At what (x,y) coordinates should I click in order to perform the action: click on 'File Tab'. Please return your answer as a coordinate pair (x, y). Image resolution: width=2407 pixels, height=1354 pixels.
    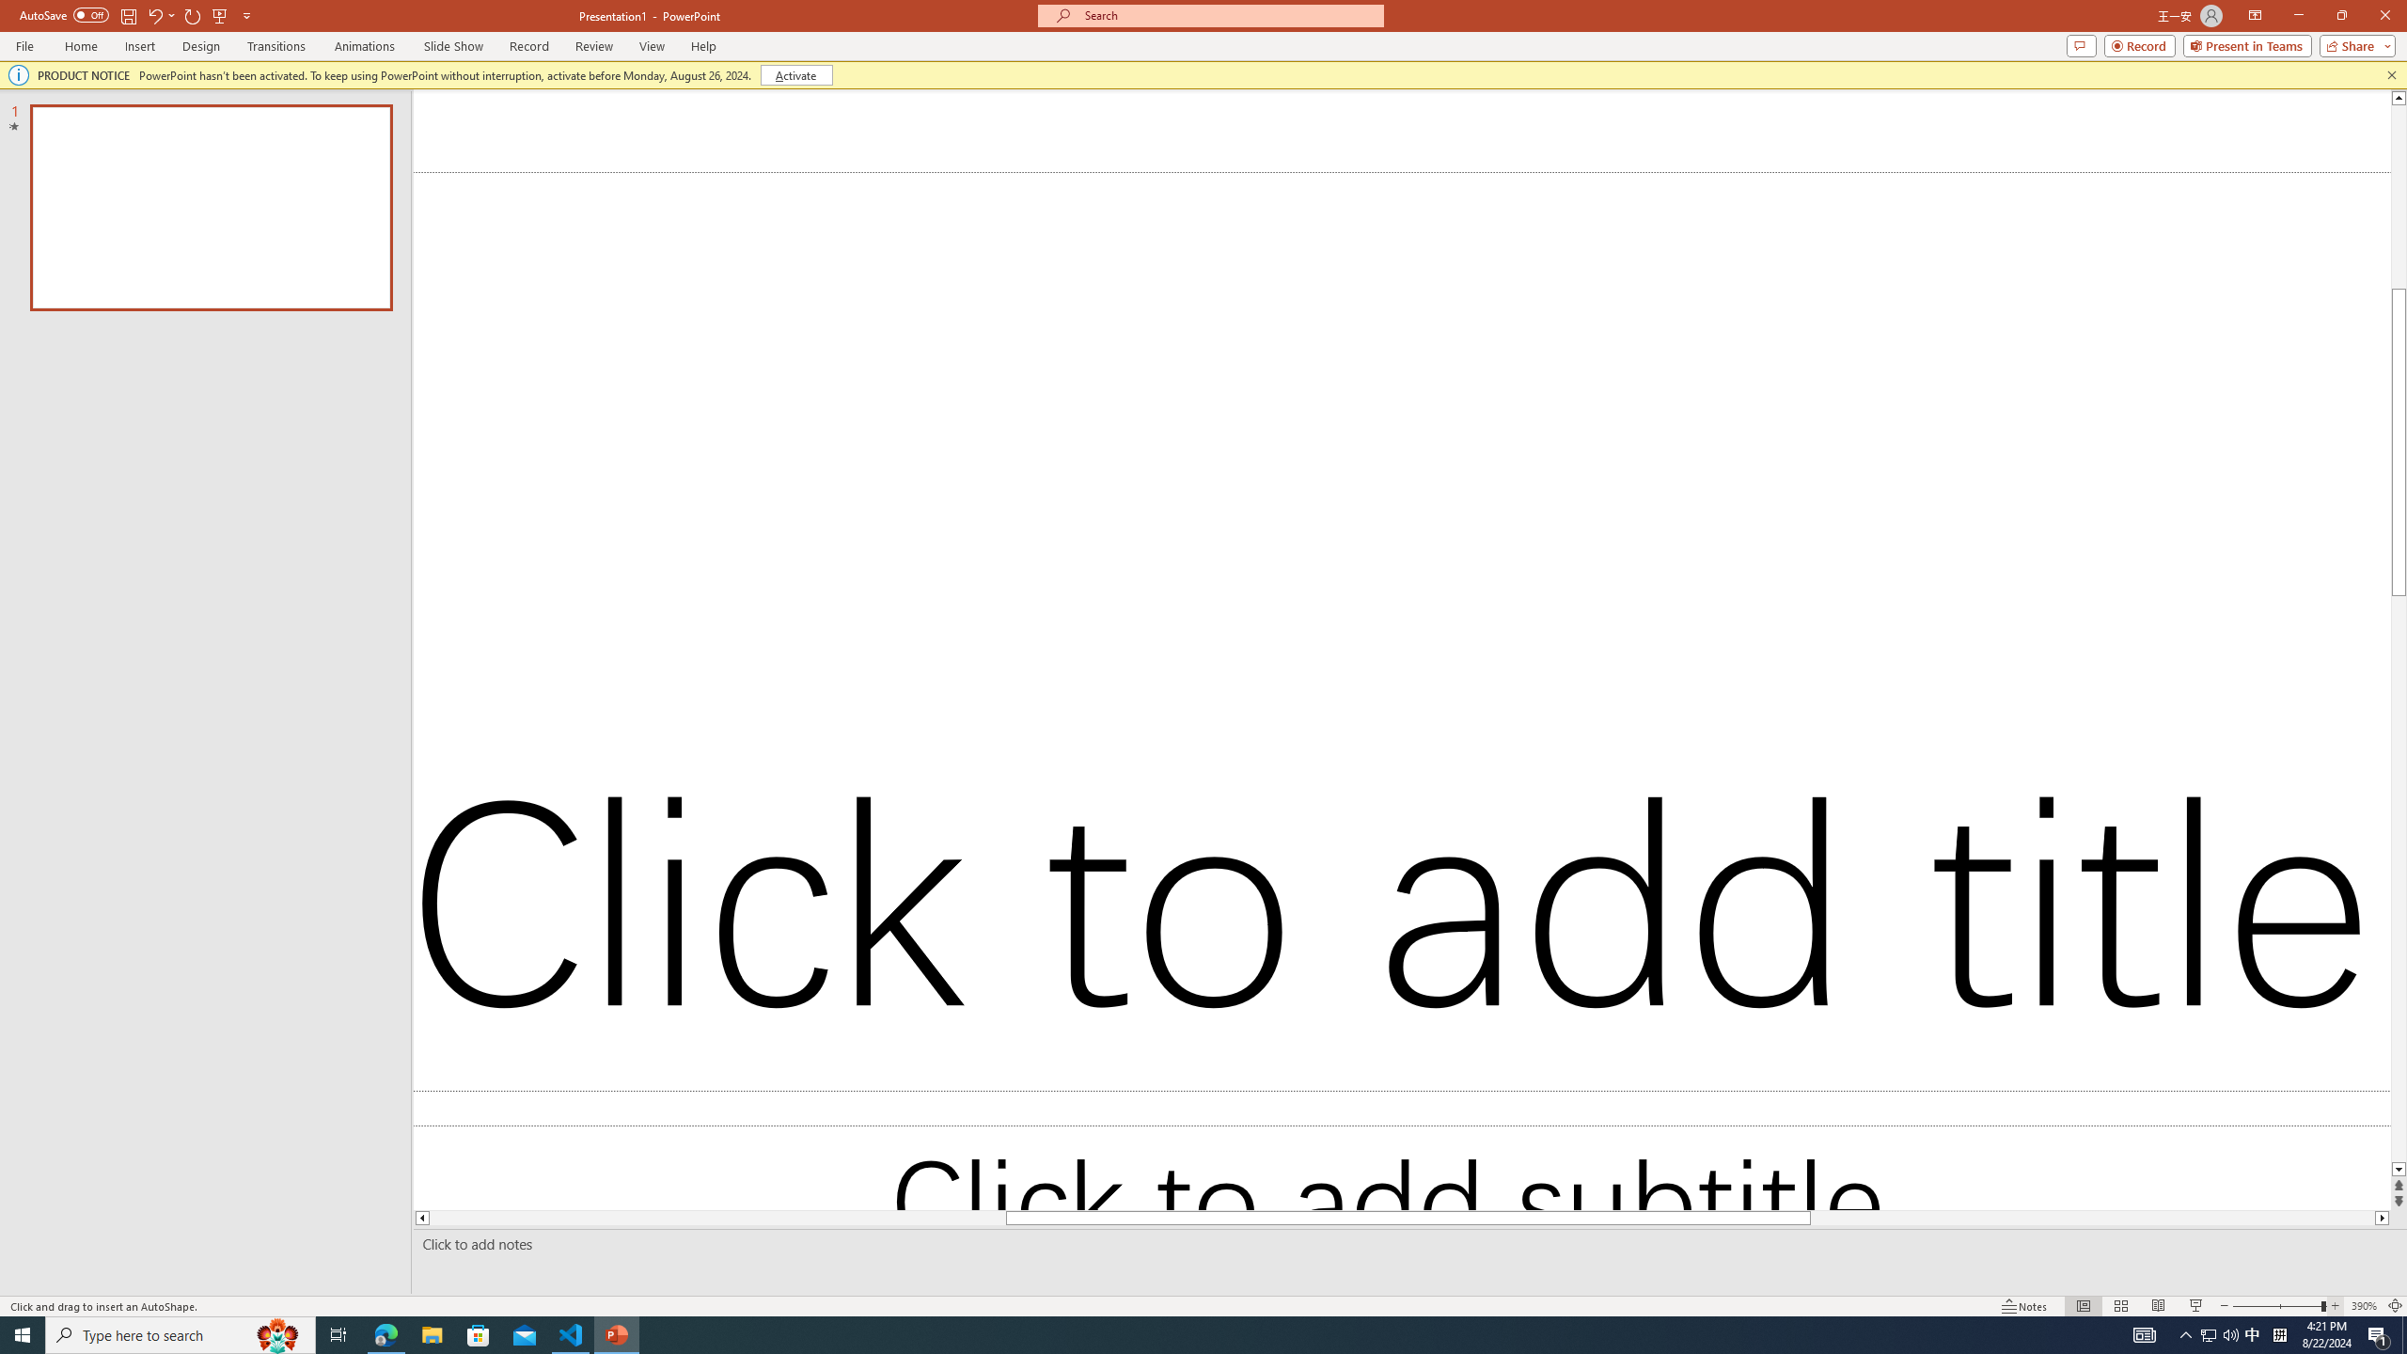
    Looking at the image, I should click on (24, 44).